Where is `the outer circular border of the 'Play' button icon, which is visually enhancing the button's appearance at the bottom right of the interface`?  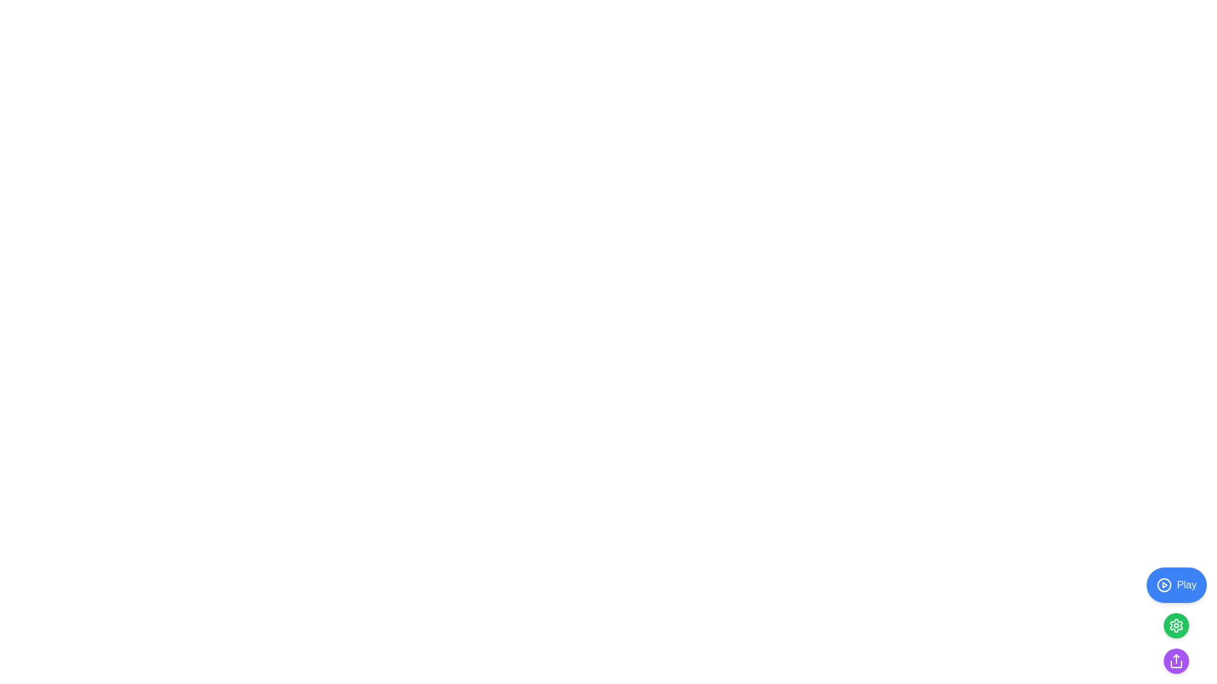
the outer circular border of the 'Play' button icon, which is visually enhancing the button's appearance at the bottom right of the interface is located at coordinates (1164, 585).